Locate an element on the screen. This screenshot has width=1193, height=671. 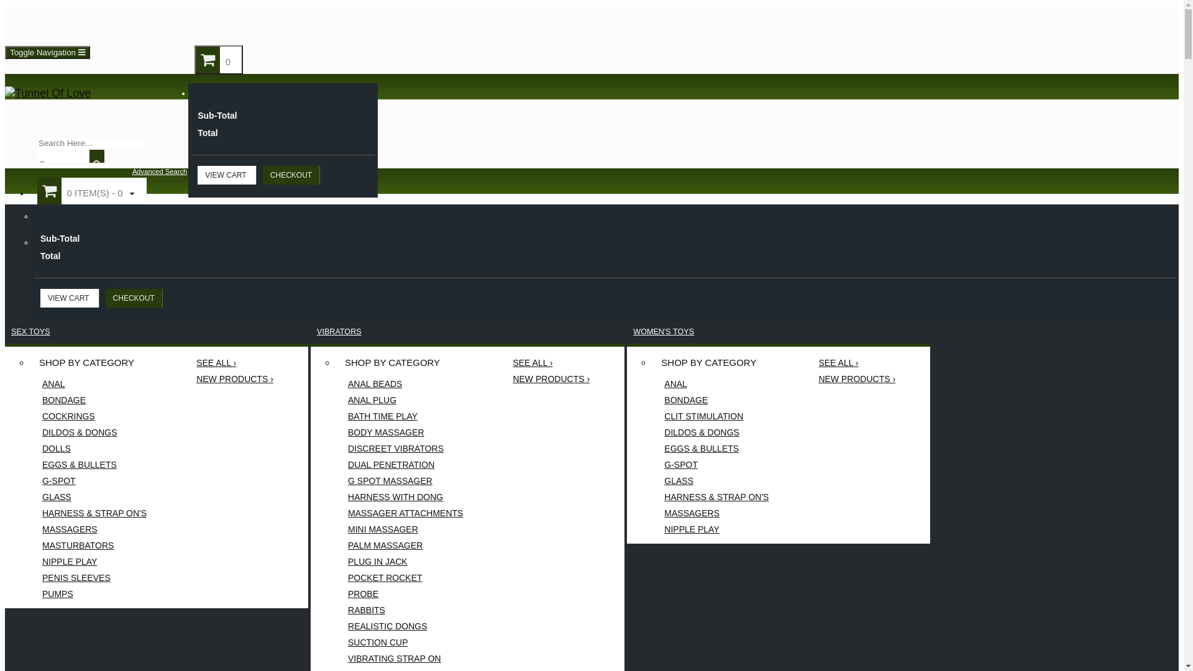
'Advanced Search' is located at coordinates (159, 171).